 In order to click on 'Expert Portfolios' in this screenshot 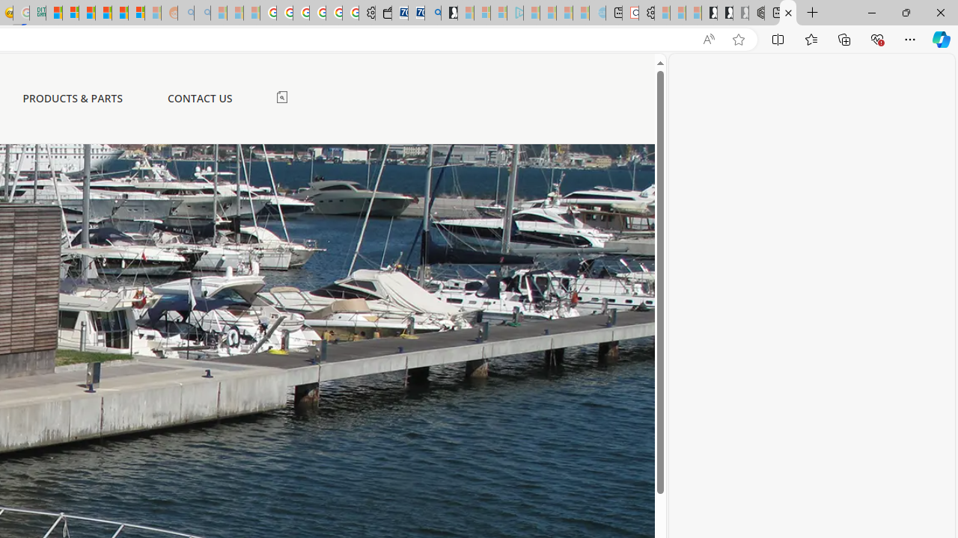, I will do `click(103, 13)`.